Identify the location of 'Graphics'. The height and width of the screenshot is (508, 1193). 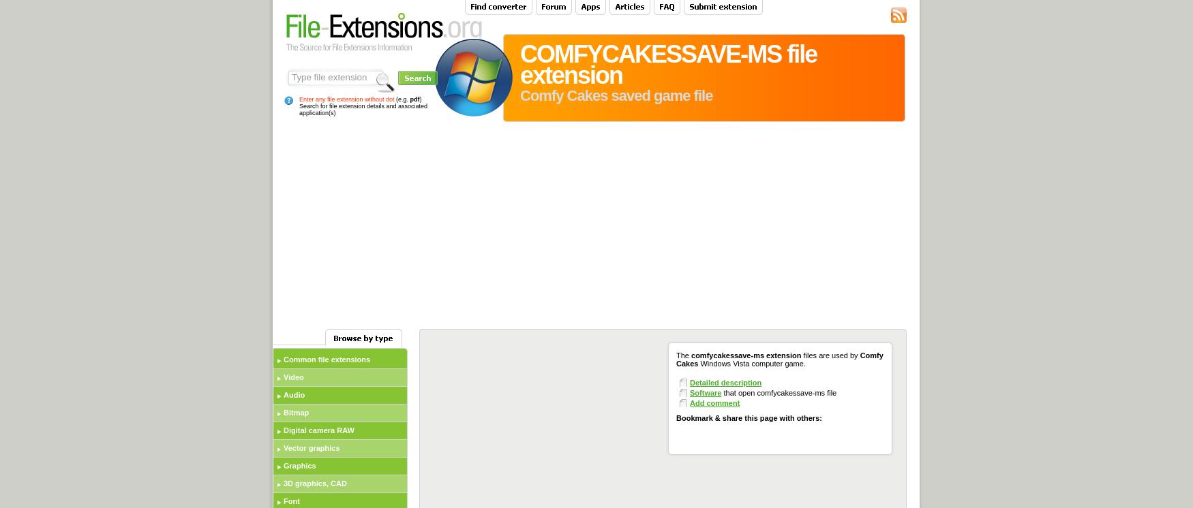
(282, 466).